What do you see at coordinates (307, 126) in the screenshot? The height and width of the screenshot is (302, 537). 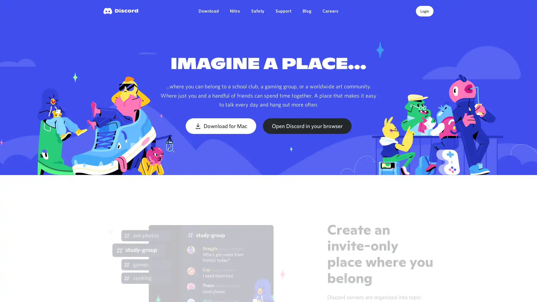 I see `Open Discord in your browser` at bounding box center [307, 126].